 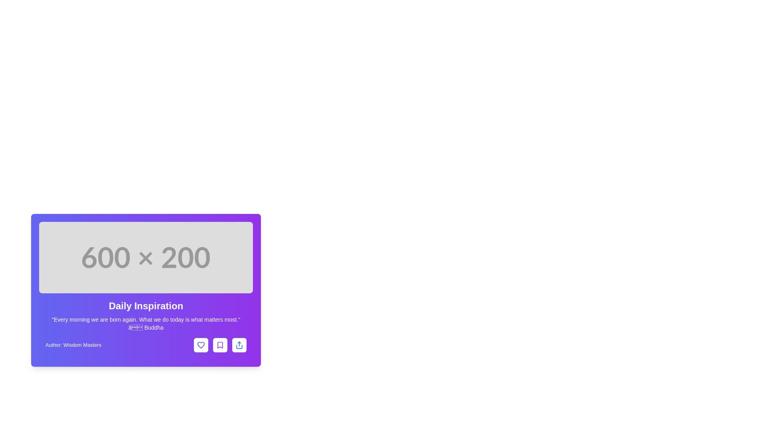 What do you see at coordinates (239, 344) in the screenshot?
I see `the share button icon, which is an outlined blue arrow pointing upwards located in the bottom-right corner of the purple card` at bounding box center [239, 344].